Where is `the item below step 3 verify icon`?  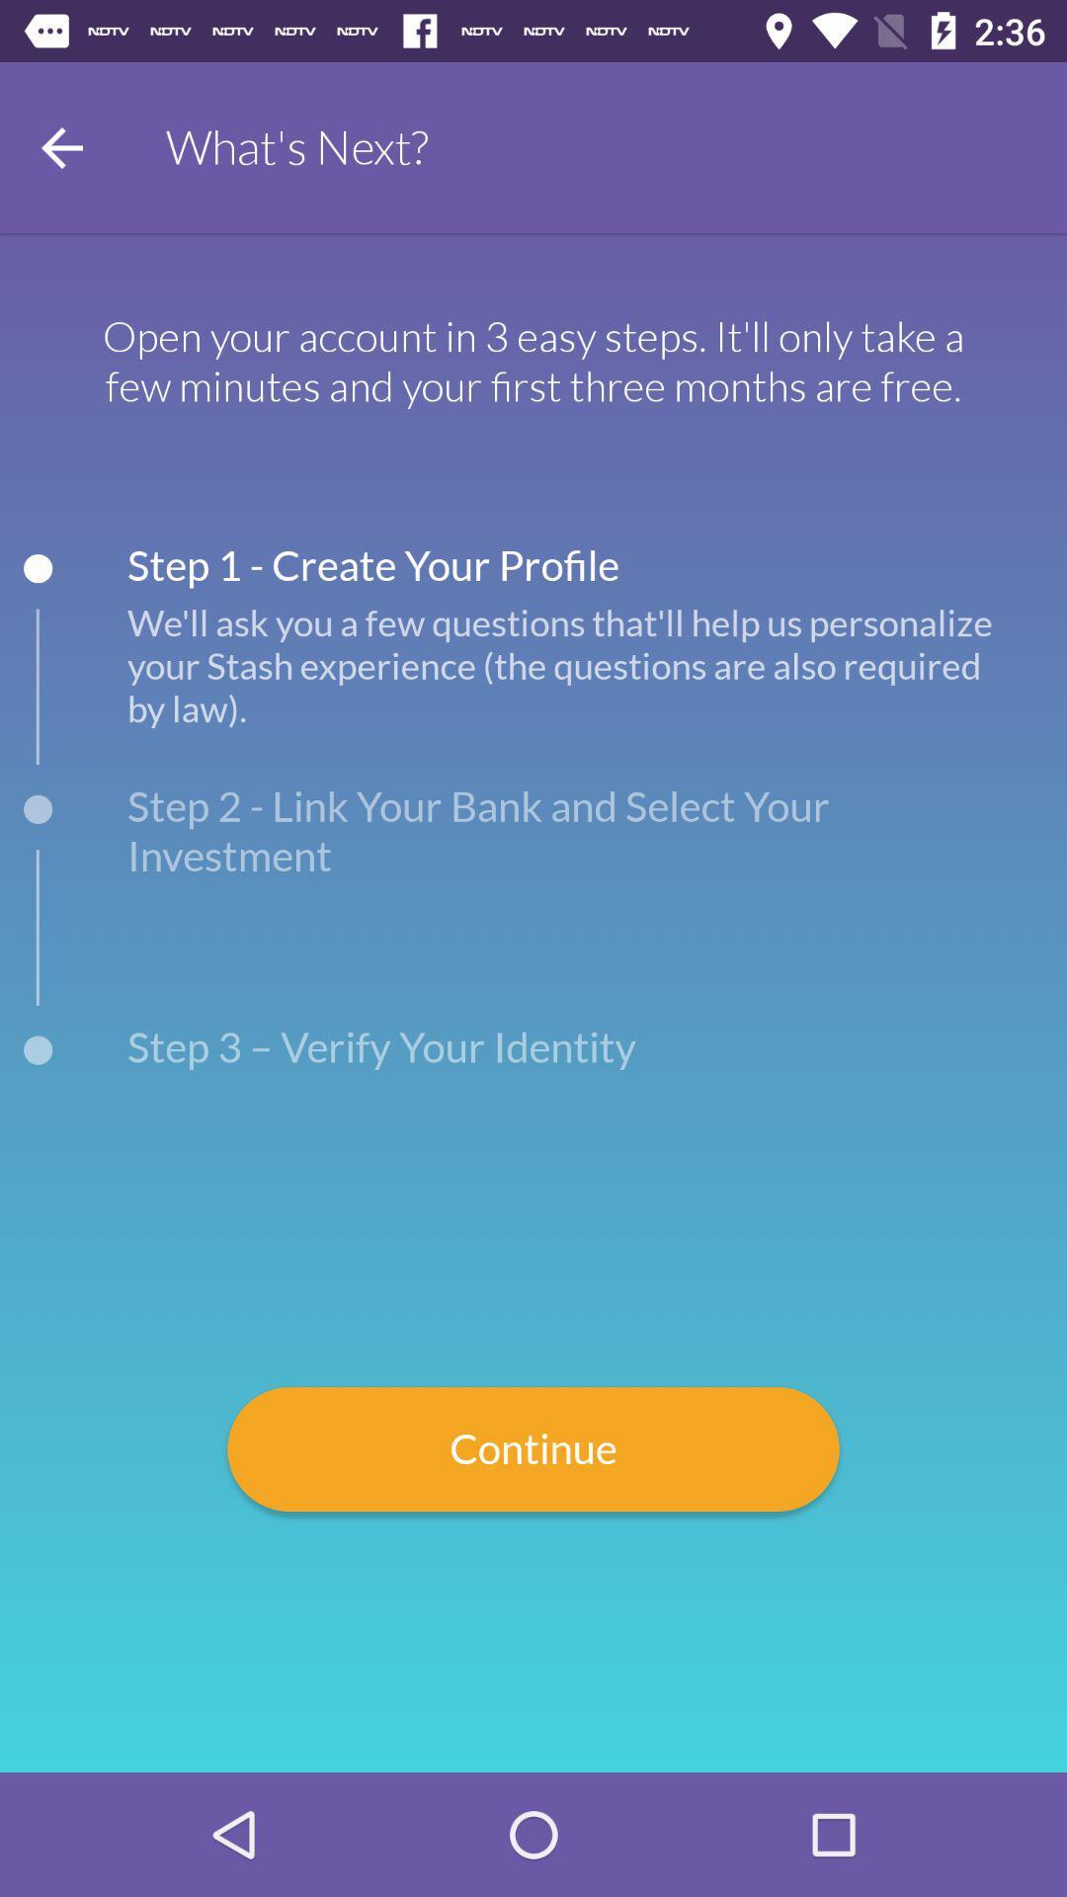 the item below step 3 verify icon is located at coordinates (533, 1449).